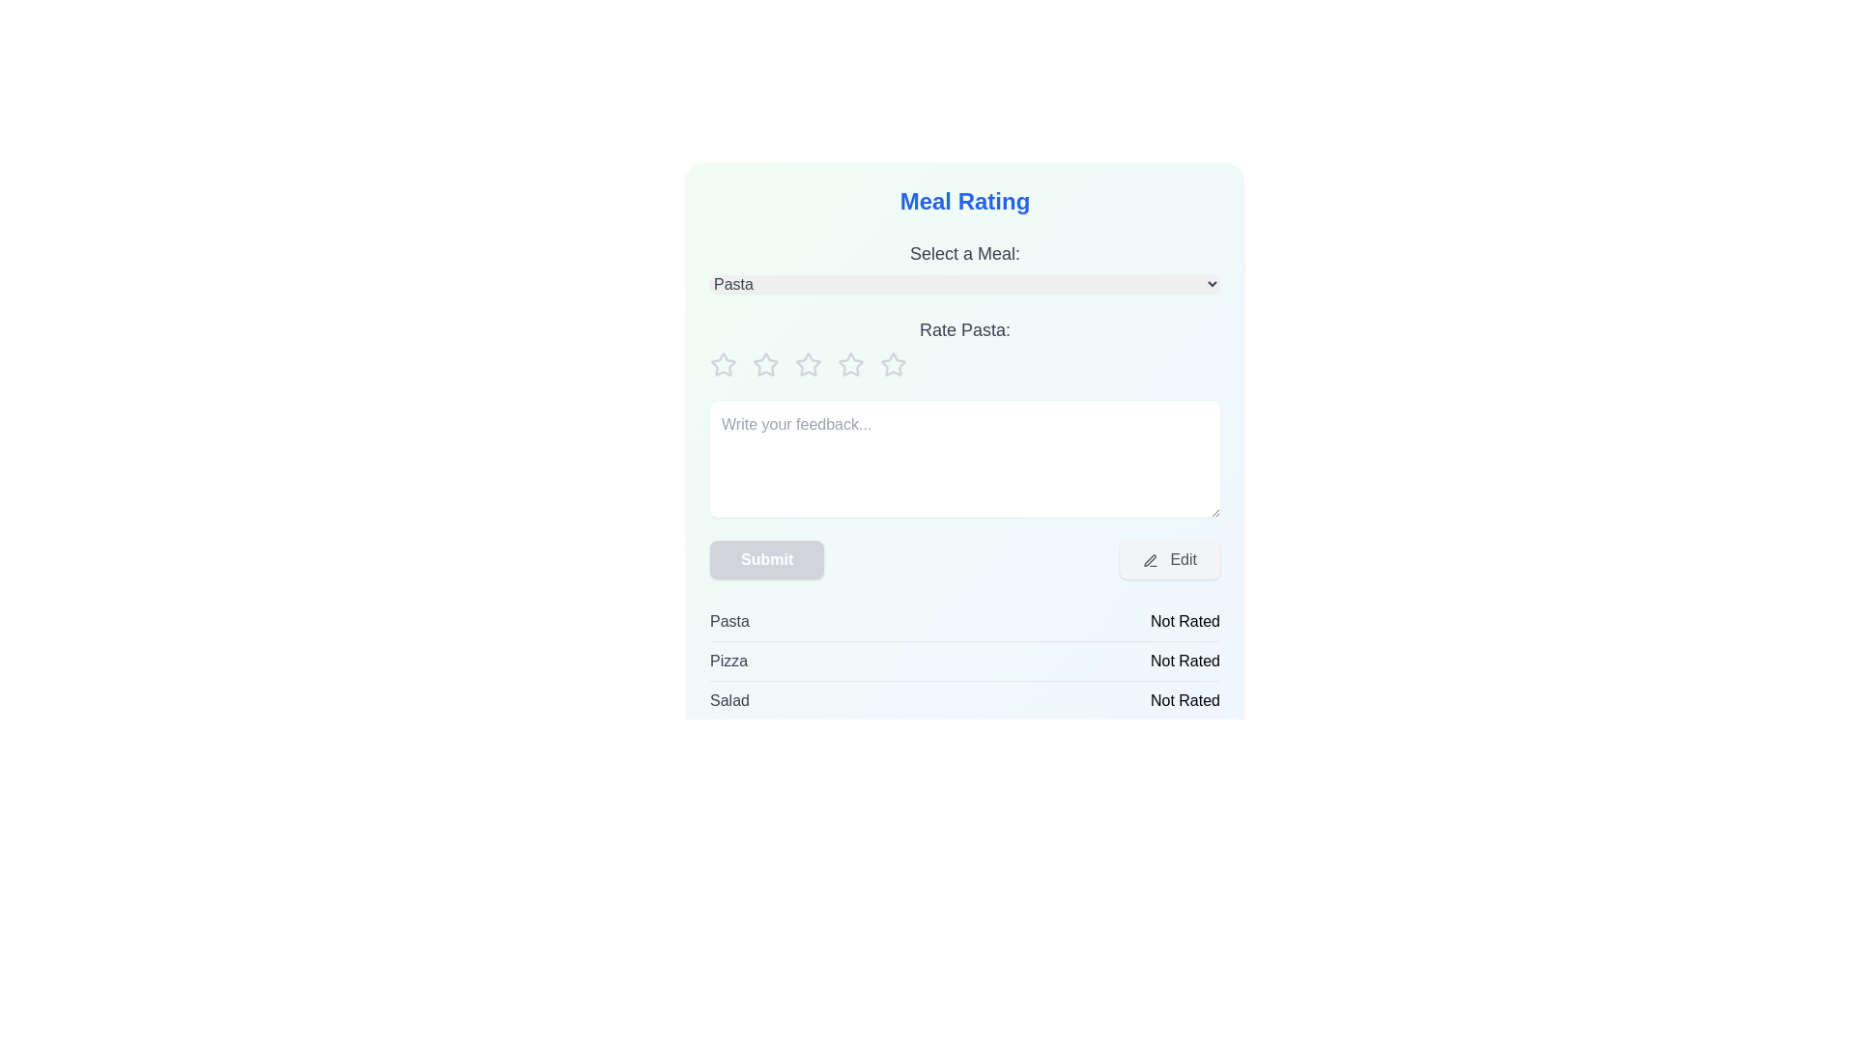 This screenshot has height=1043, width=1855. I want to click on the 'Salad' text label in the third row of the vertical list that identifies the food item, so click(728, 700).